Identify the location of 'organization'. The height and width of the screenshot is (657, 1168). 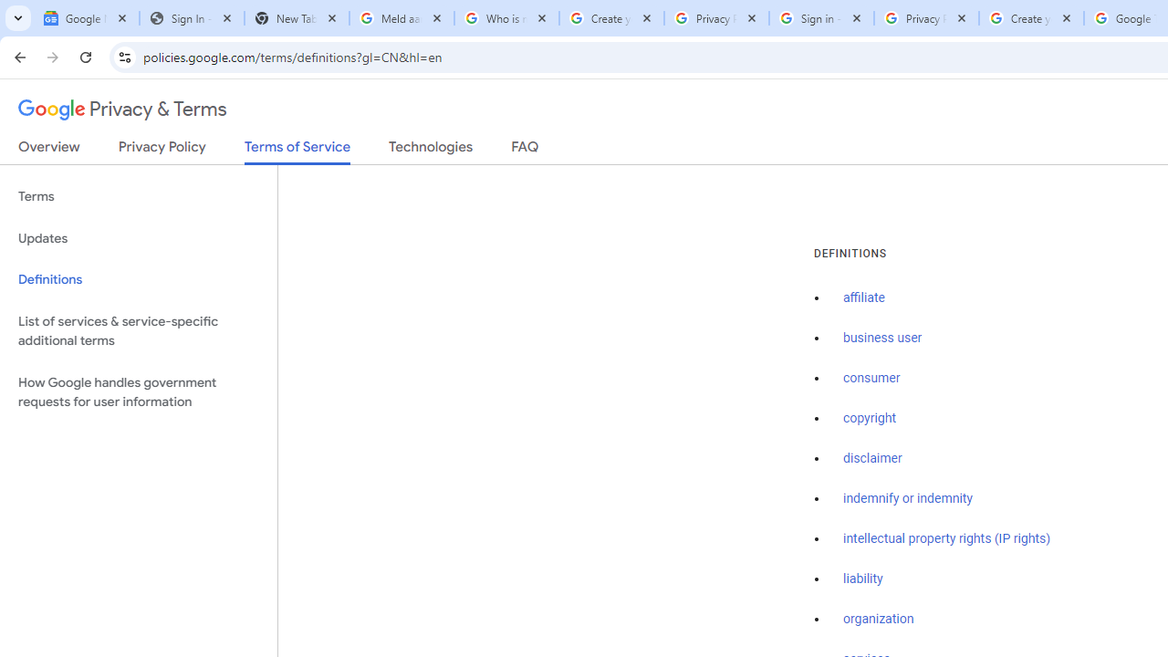
(879, 619).